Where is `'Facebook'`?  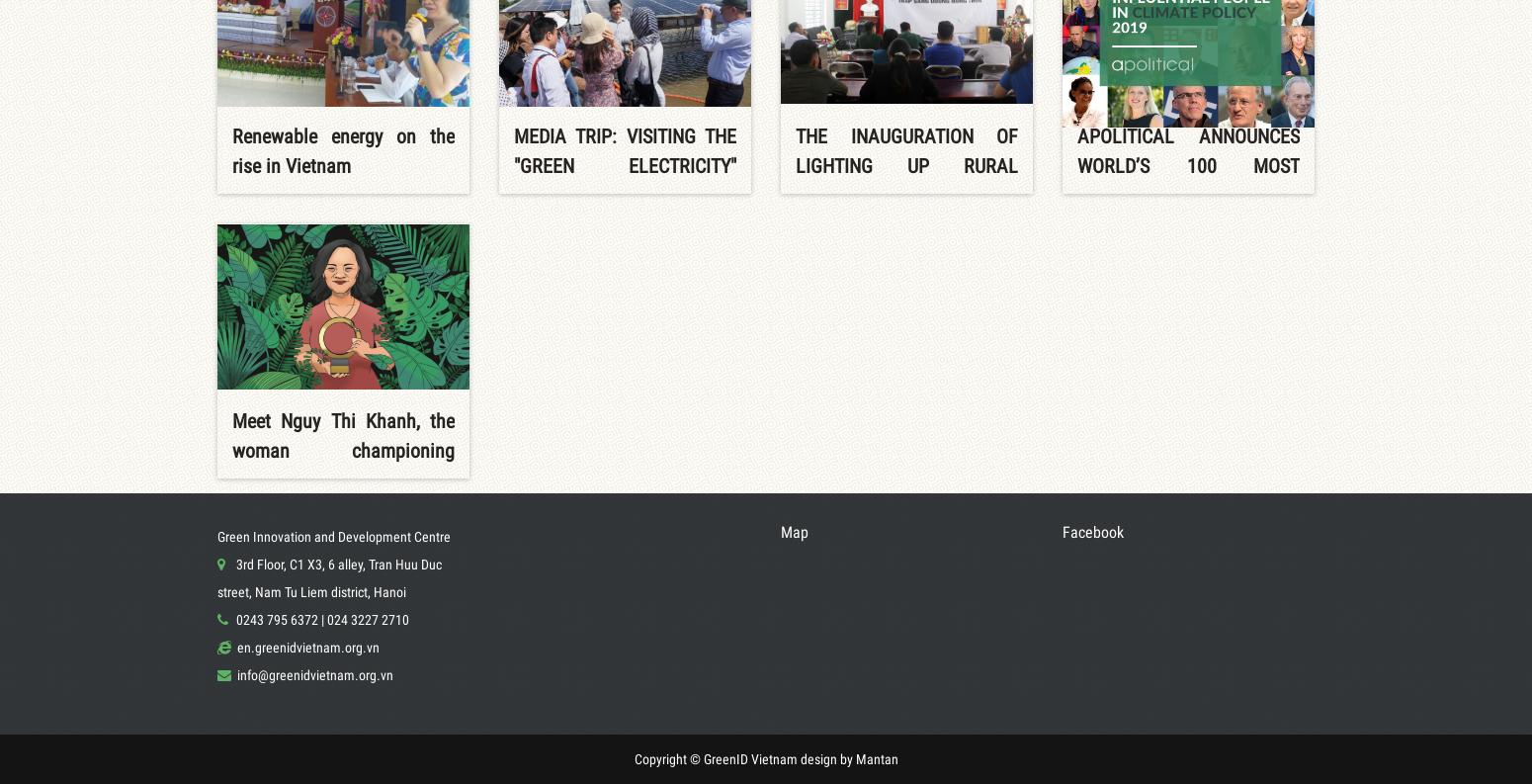
'Facebook' is located at coordinates (1062, 530).